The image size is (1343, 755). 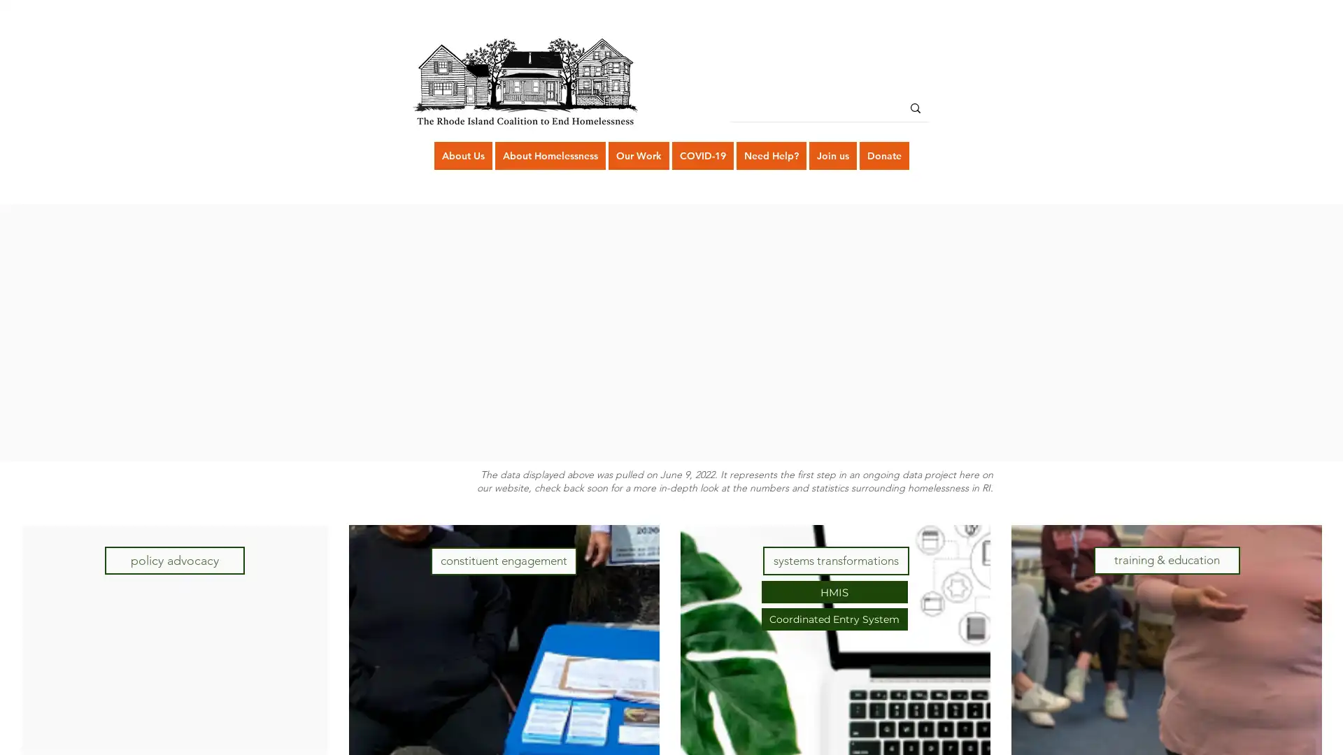 What do you see at coordinates (835, 560) in the screenshot?
I see `systems transformations` at bounding box center [835, 560].